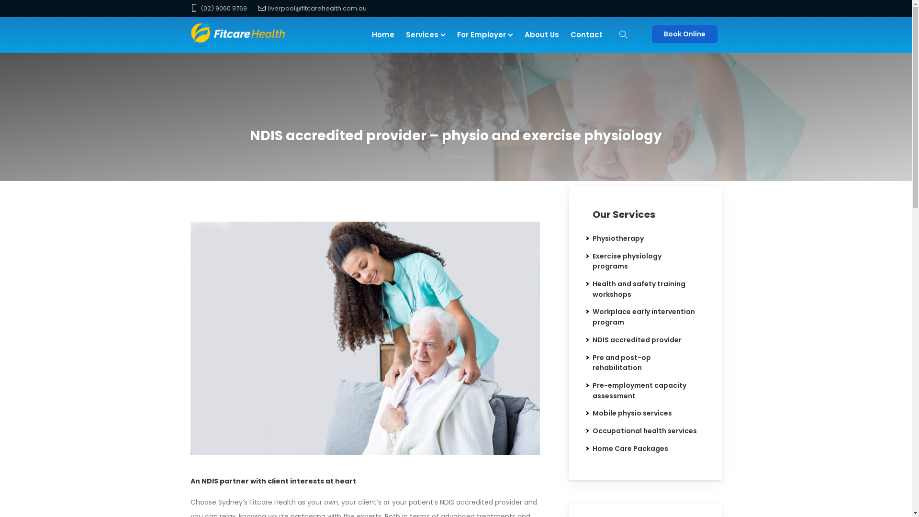 The image size is (919, 517). Describe the element at coordinates (651, 34) in the screenshot. I see `'Book Online'` at that location.